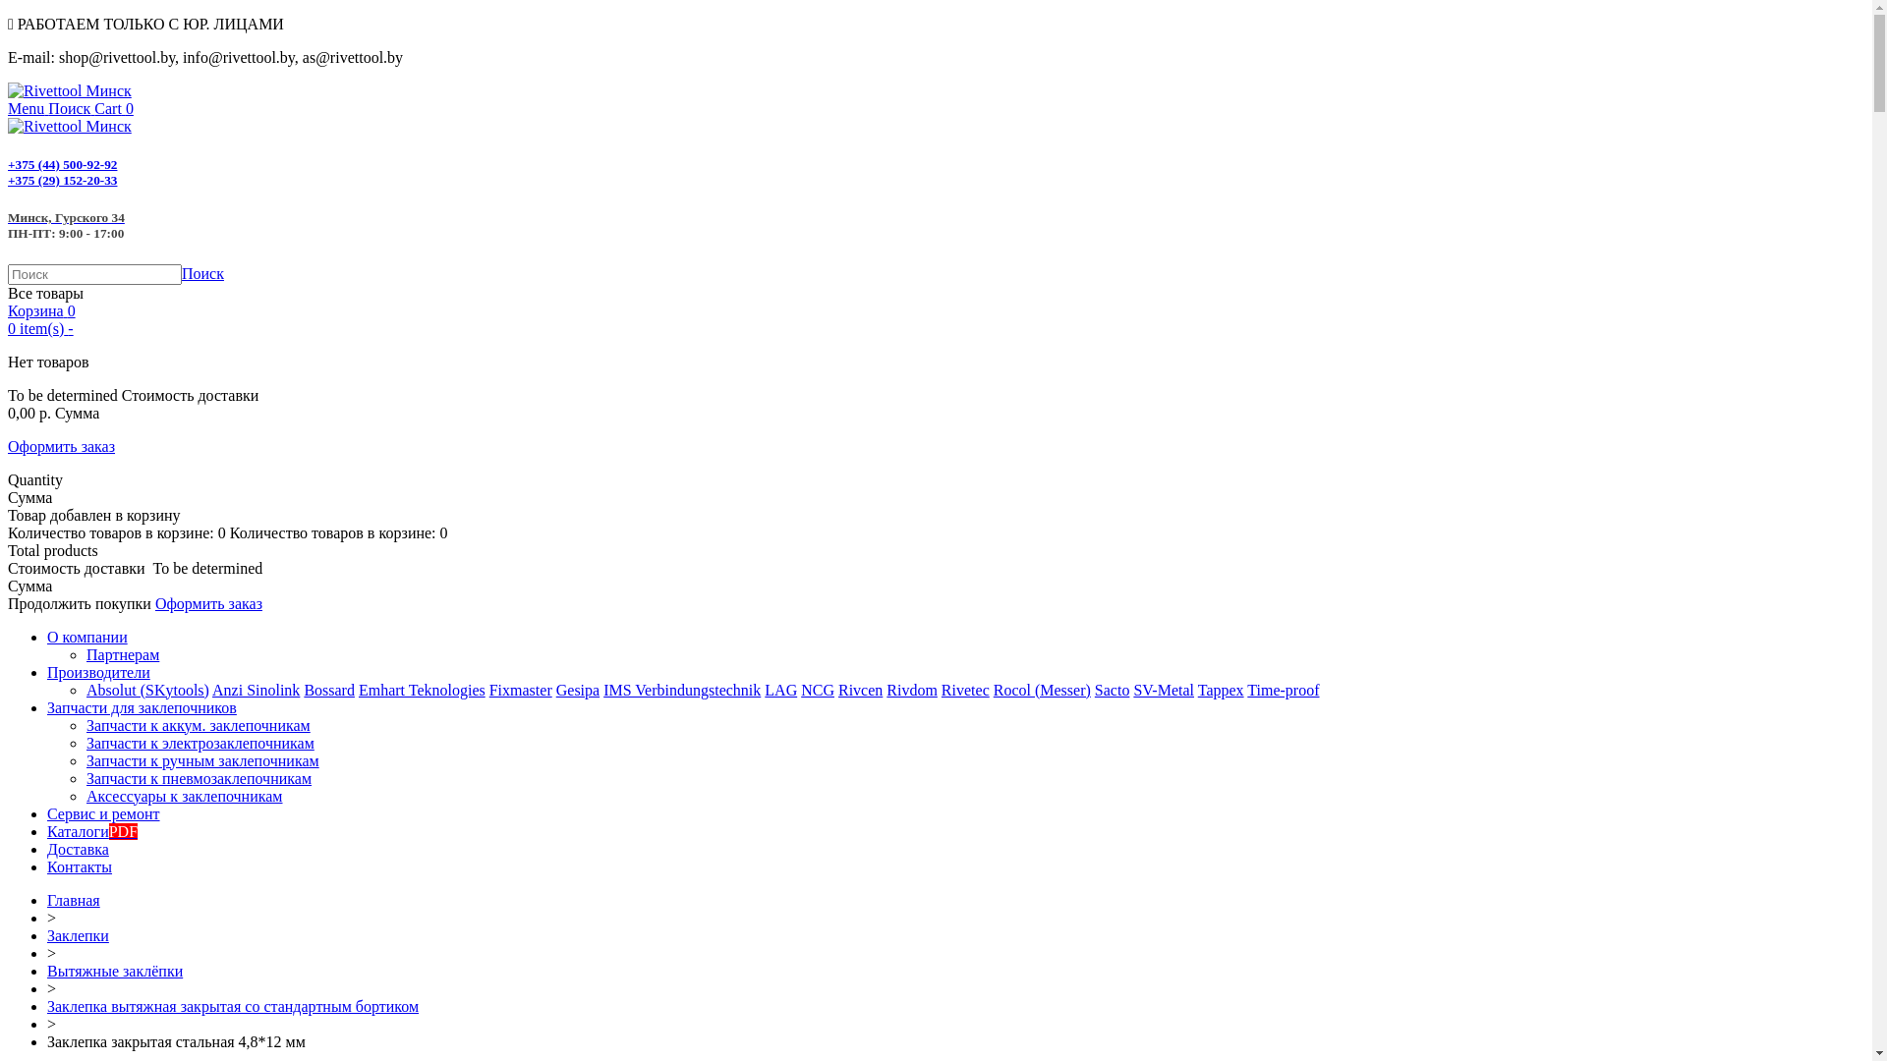  I want to click on 'Gesipa', so click(577, 689).